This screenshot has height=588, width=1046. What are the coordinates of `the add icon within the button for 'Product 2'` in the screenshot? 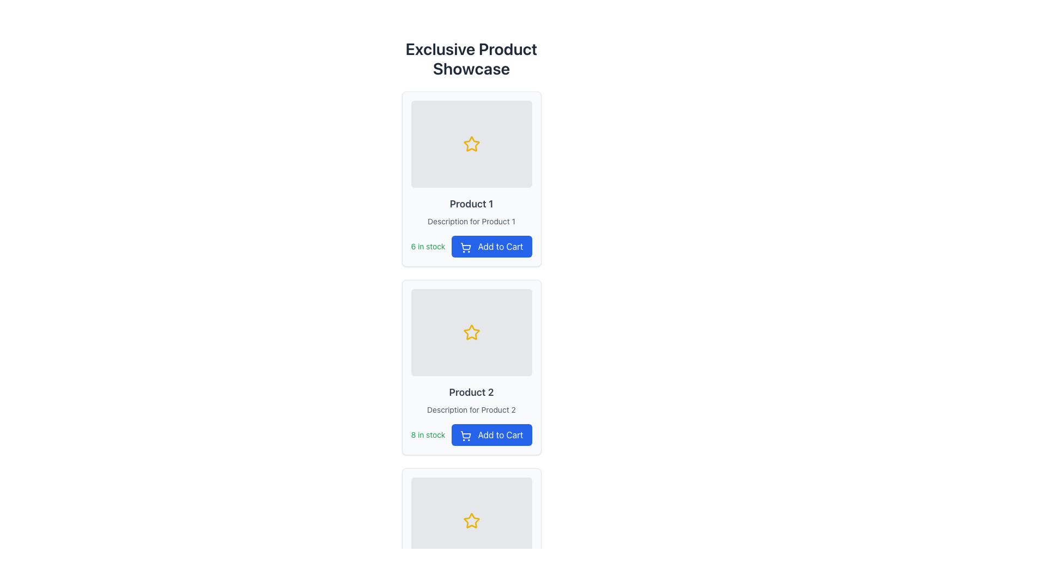 It's located at (466, 434).